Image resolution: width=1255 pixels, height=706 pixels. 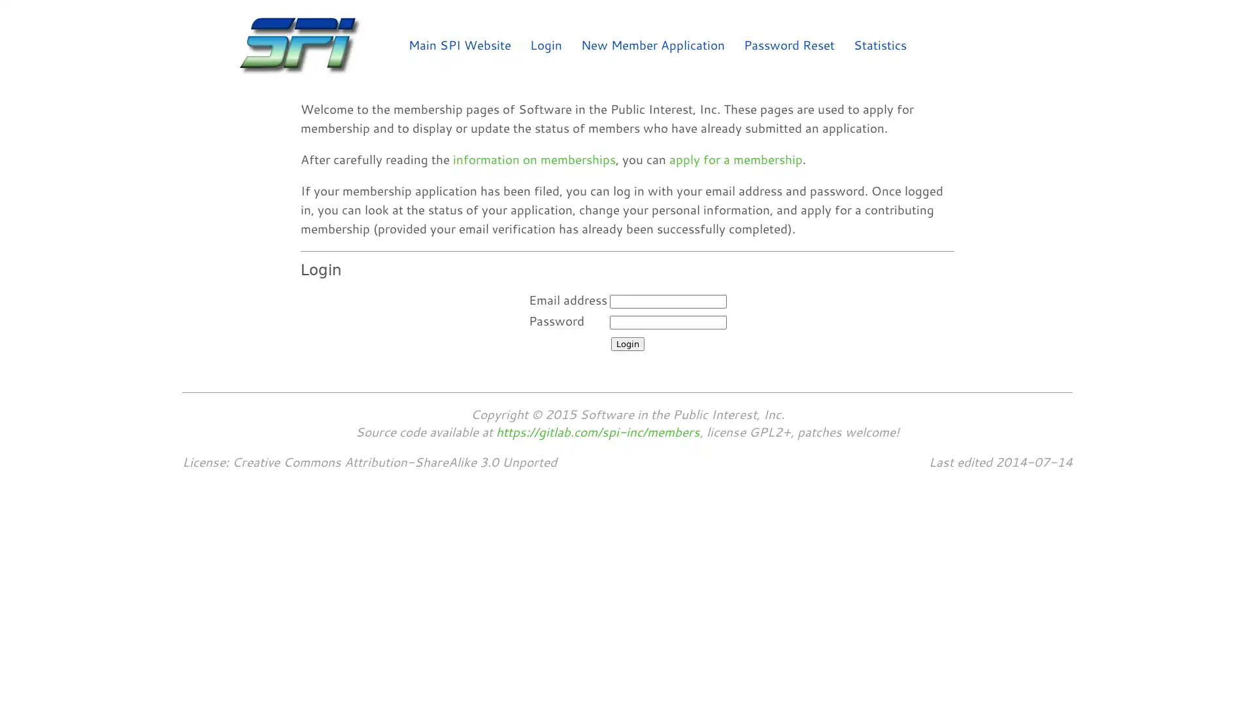 I want to click on Login, so click(x=626, y=343).